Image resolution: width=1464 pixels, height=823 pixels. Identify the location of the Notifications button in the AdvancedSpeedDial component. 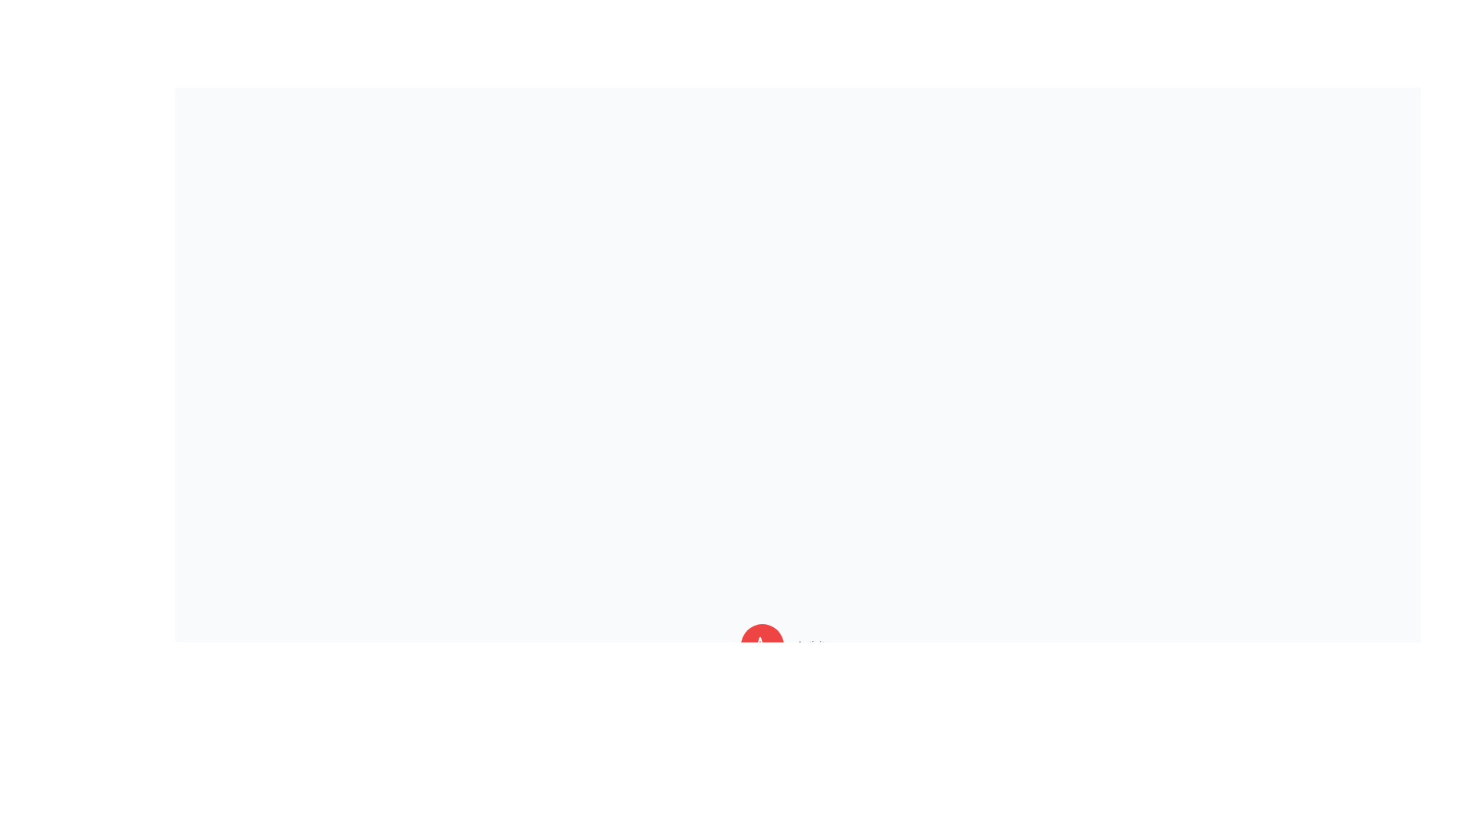
(762, 700).